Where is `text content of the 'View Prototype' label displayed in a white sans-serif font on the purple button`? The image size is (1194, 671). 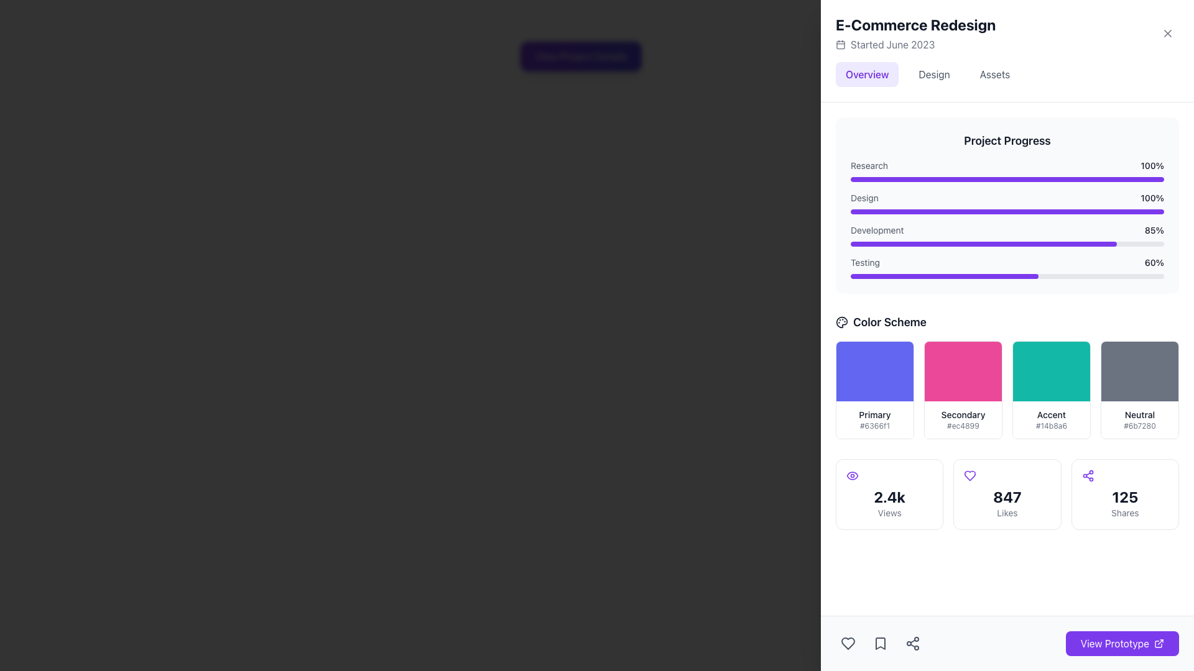
text content of the 'View Prototype' label displayed in a white sans-serif font on the purple button is located at coordinates (1114, 643).